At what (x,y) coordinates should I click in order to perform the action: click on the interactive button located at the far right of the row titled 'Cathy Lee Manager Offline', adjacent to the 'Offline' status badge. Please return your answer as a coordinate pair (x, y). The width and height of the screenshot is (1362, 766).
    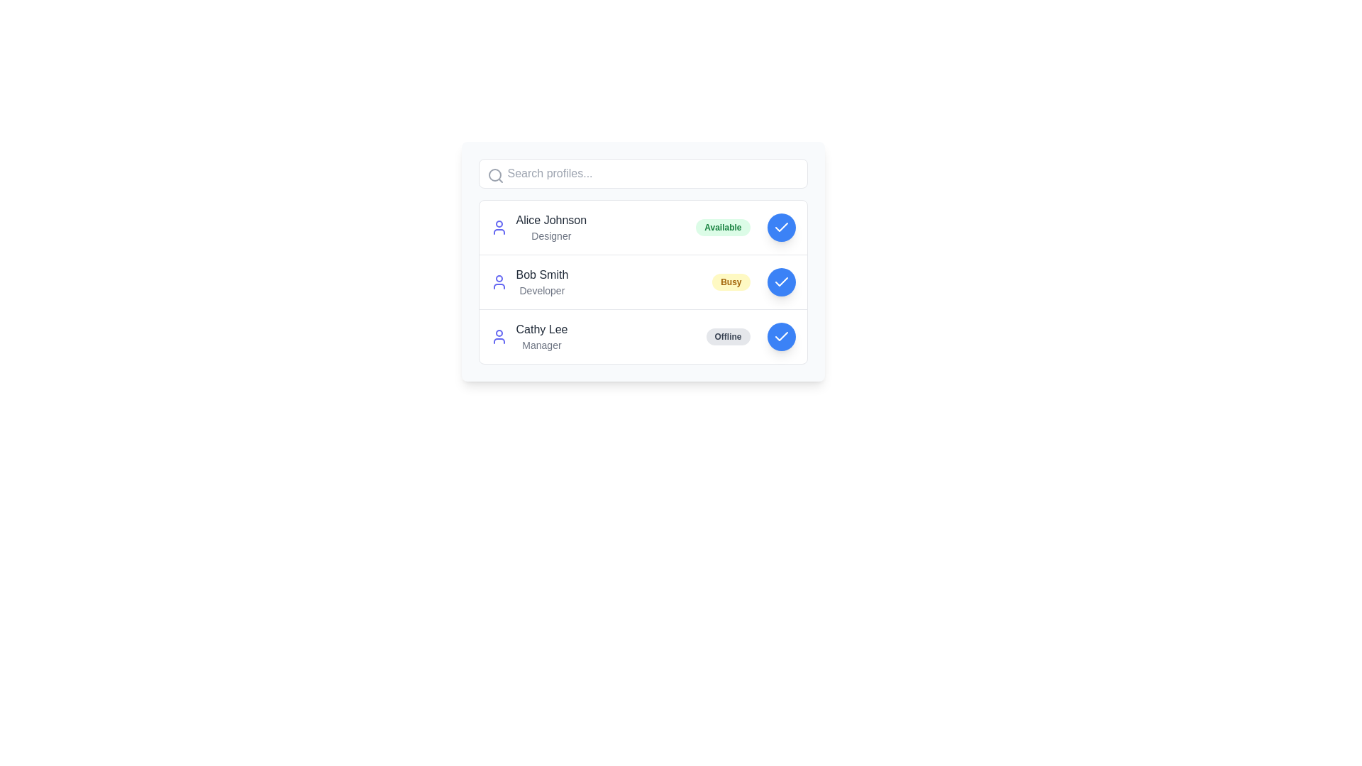
    Looking at the image, I should click on (780, 336).